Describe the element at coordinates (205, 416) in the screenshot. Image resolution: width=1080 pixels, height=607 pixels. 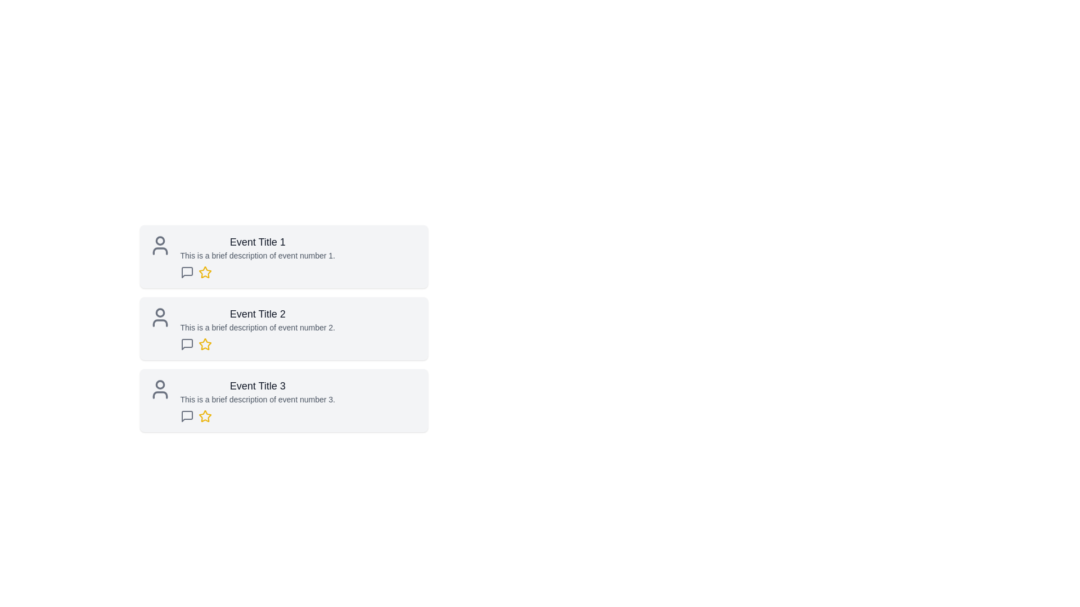
I see `the star icon at the bottom-right of the third event card to trigger a tooltip or visual feedback` at that location.